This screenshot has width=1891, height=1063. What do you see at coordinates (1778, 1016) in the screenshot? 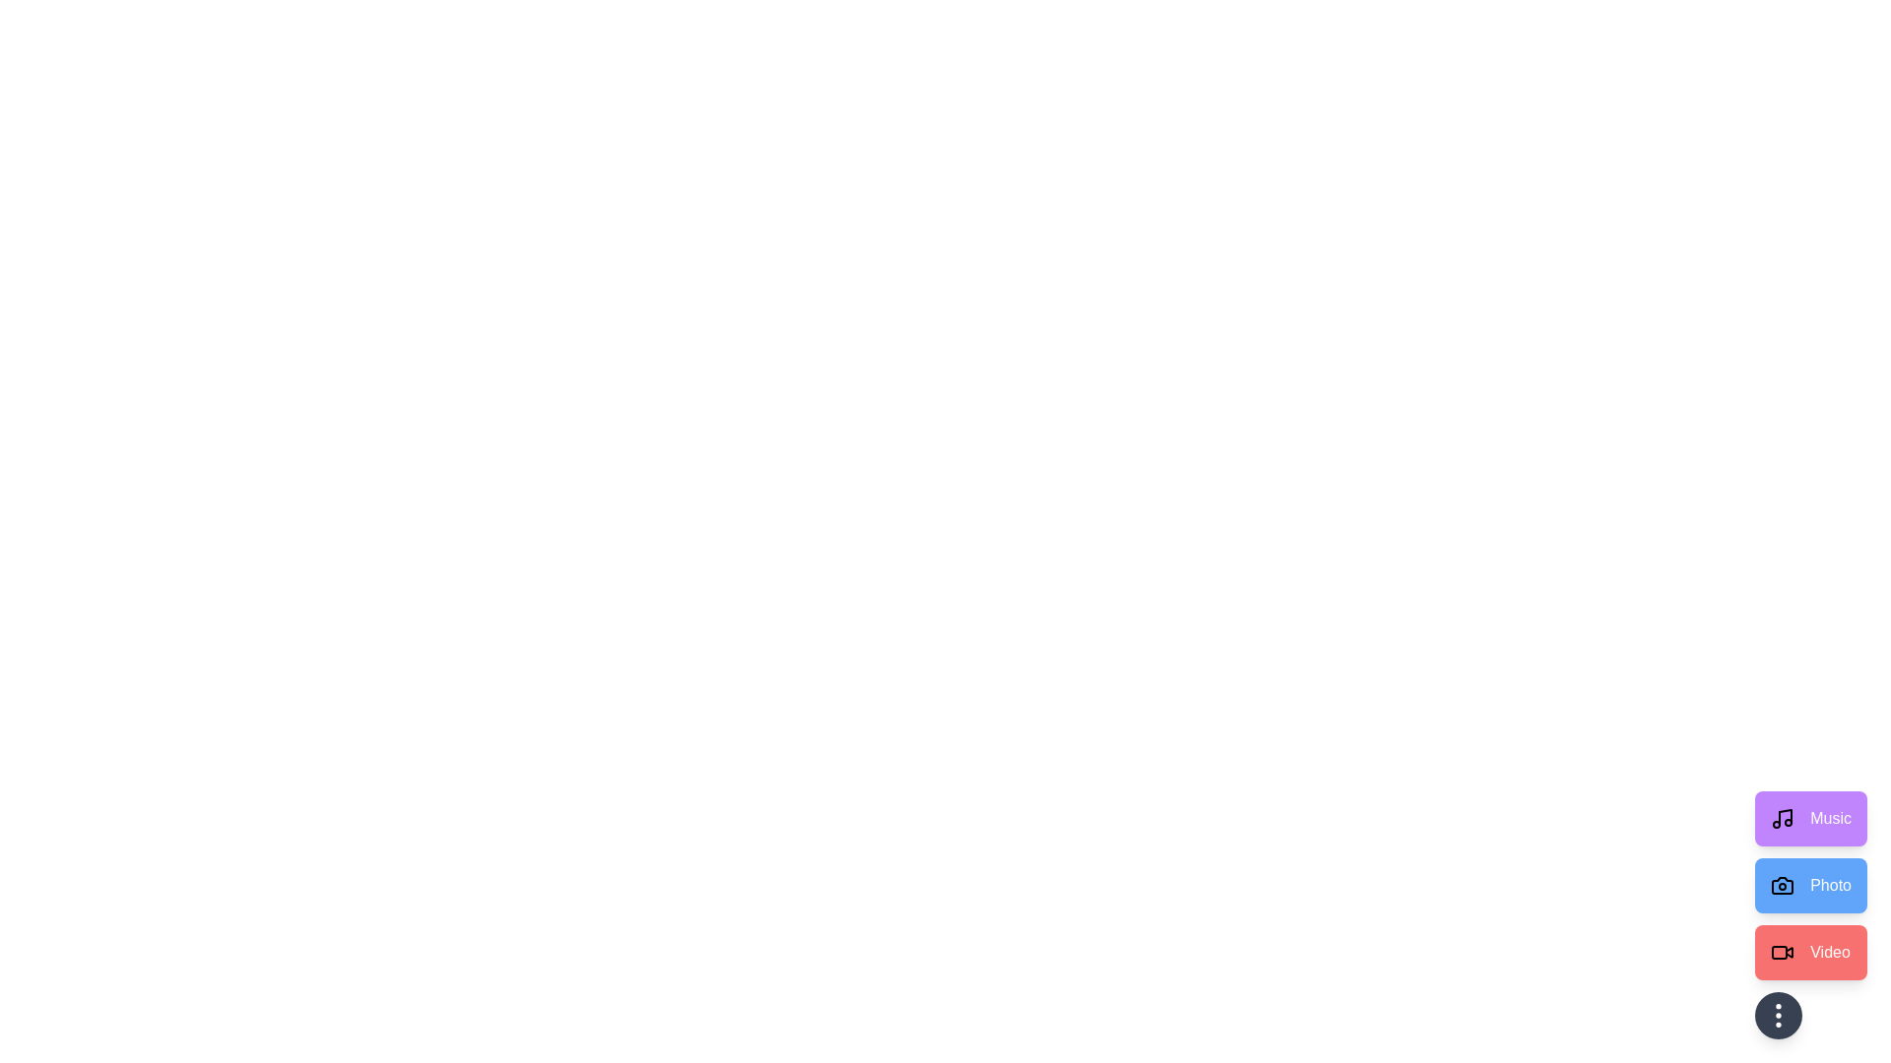
I see `the menu toggle button to expand or collapse the menu` at bounding box center [1778, 1016].